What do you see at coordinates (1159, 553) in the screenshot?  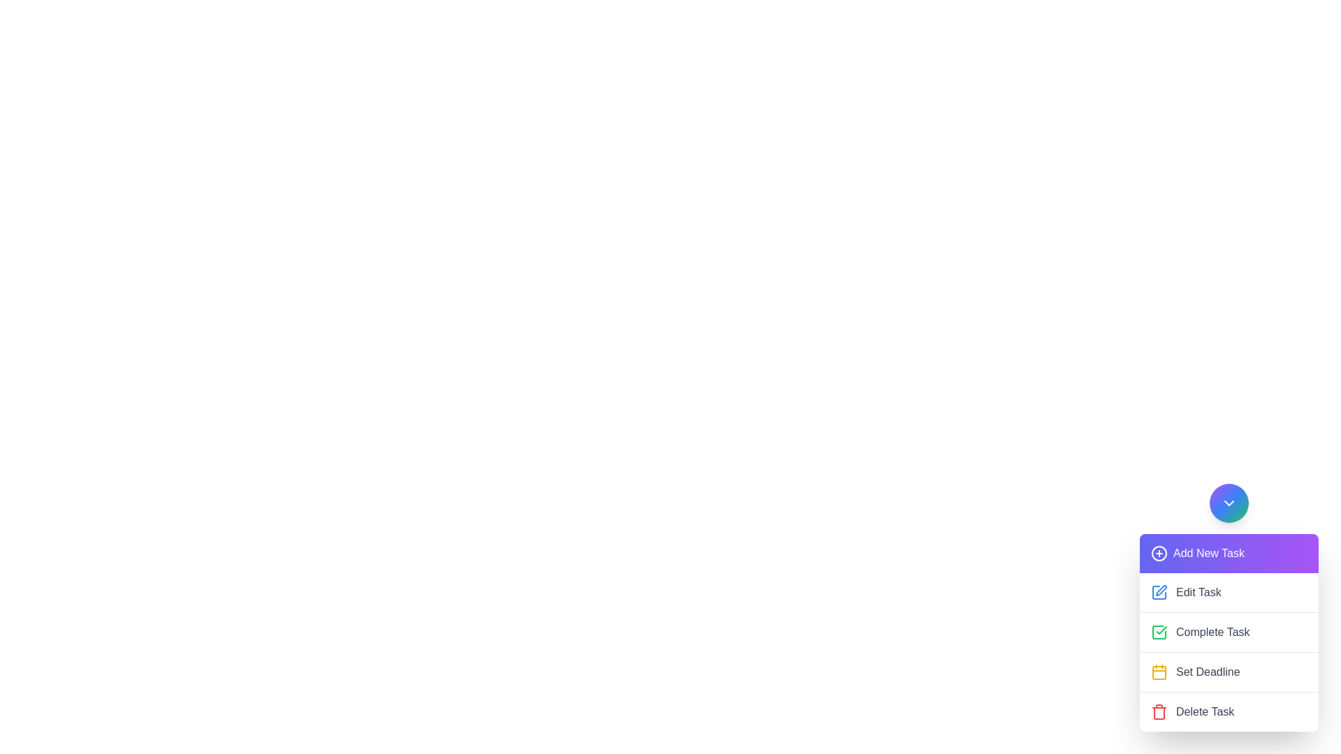 I see `the graphic icon that represents the option to add a new task, positioned to the far left of the 'Add New Task' button in the dropdown menu` at bounding box center [1159, 553].